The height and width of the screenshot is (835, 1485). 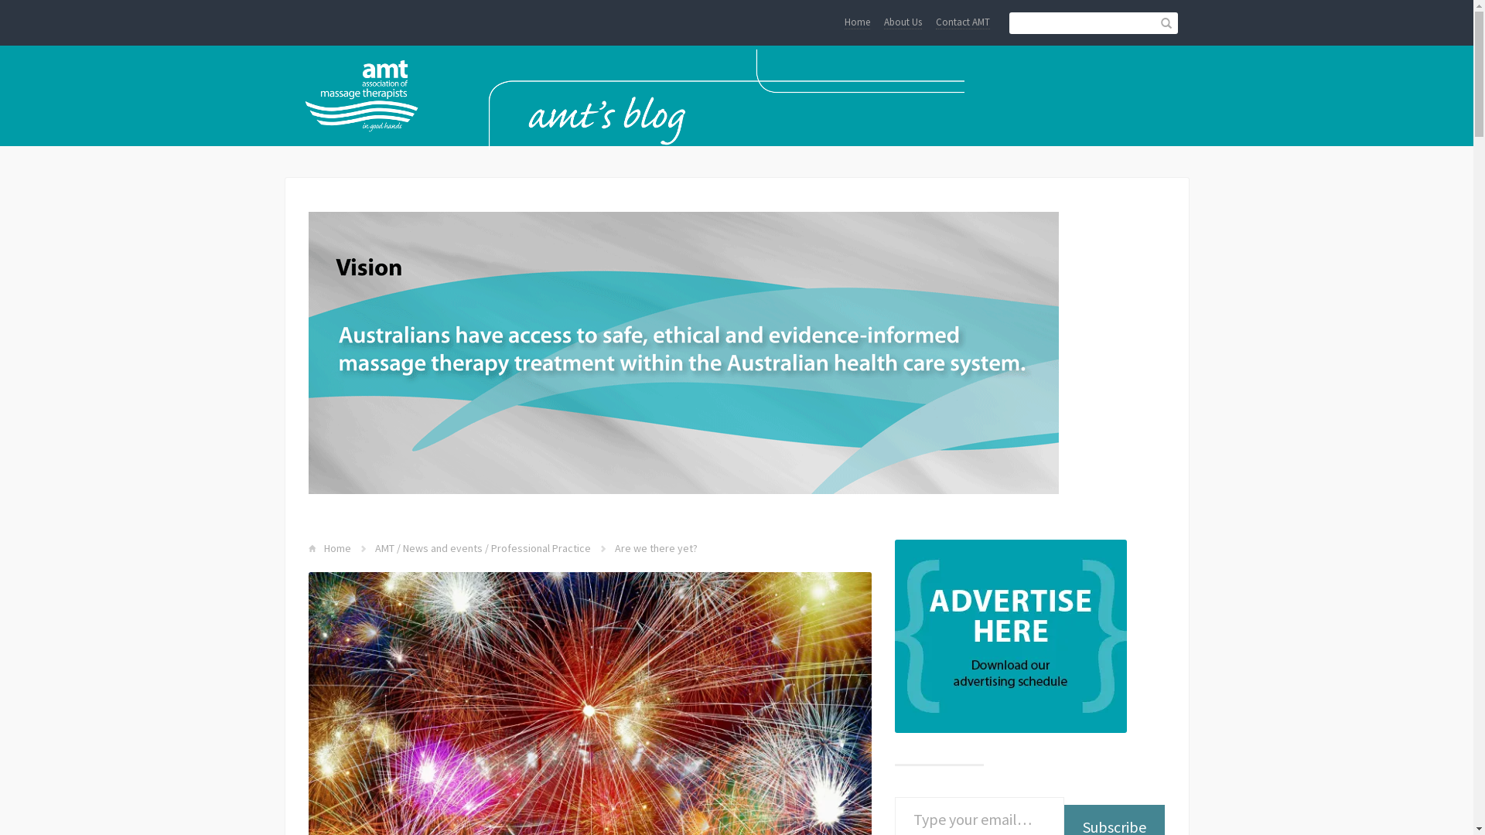 What do you see at coordinates (961, 22) in the screenshot?
I see `'Contact AMT'` at bounding box center [961, 22].